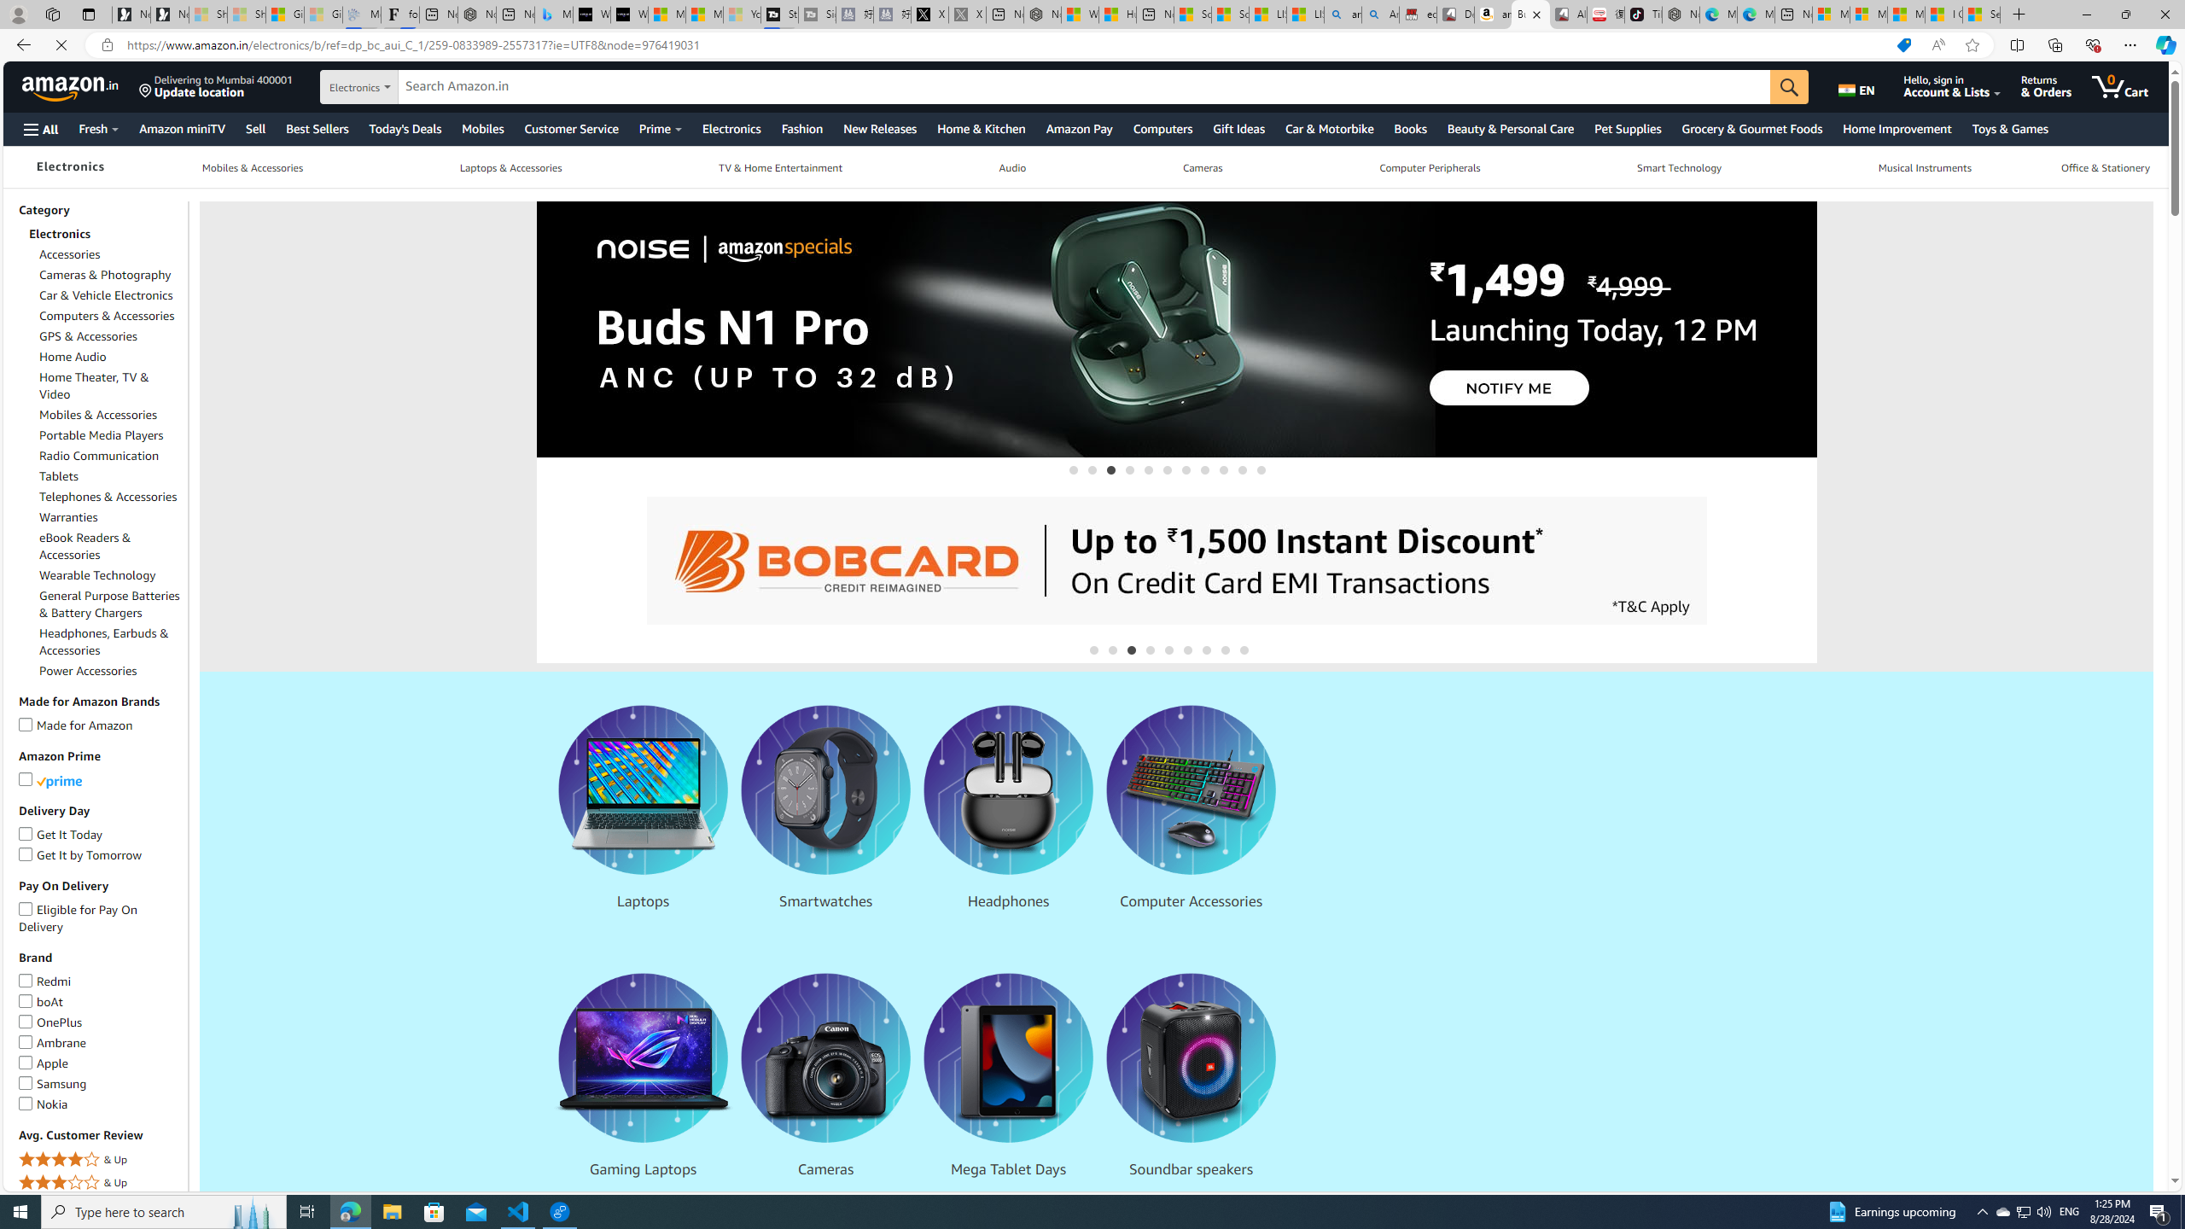 The image size is (2185, 1229). I want to click on 'amazon.in/dp/B0CX59H5W7/?tag=gsmcom05-21', so click(1492, 14).